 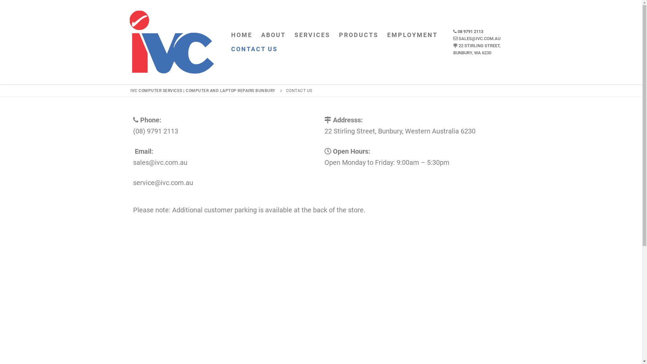 What do you see at coordinates (241, 35) in the screenshot?
I see `'HOME'` at bounding box center [241, 35].